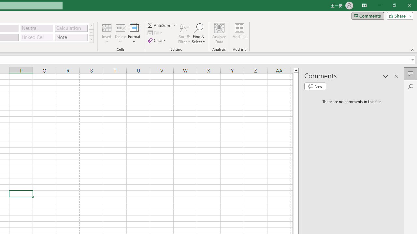 This screenshot has height=234, width=417. Describe the element at coordinates (398, 15) in the screenshot. I see `'Share'` at that location.